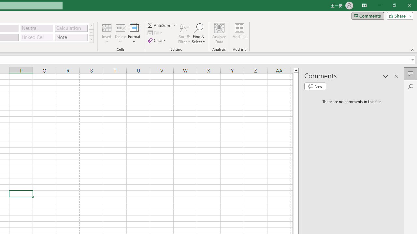 This screenshot has height=234, width=417. Describe the element at coordinates (398, 15) in the screenshot. I see `'Share'` at that location.